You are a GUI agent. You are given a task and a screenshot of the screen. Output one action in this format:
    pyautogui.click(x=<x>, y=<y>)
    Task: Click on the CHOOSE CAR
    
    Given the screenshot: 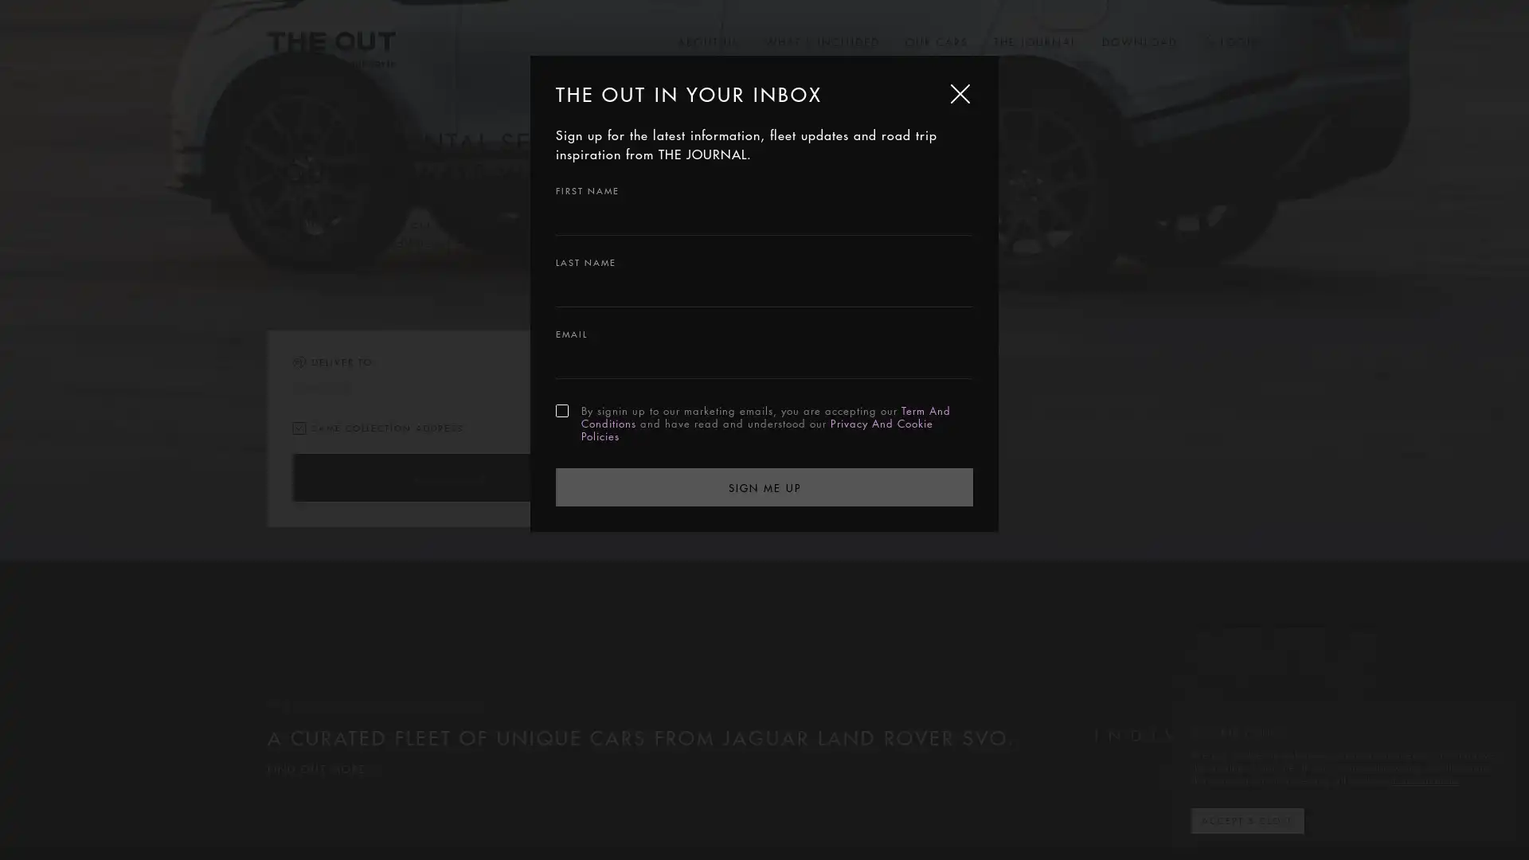 What is the action you would take?
    pyautogui.click(x=446, y=477)
    